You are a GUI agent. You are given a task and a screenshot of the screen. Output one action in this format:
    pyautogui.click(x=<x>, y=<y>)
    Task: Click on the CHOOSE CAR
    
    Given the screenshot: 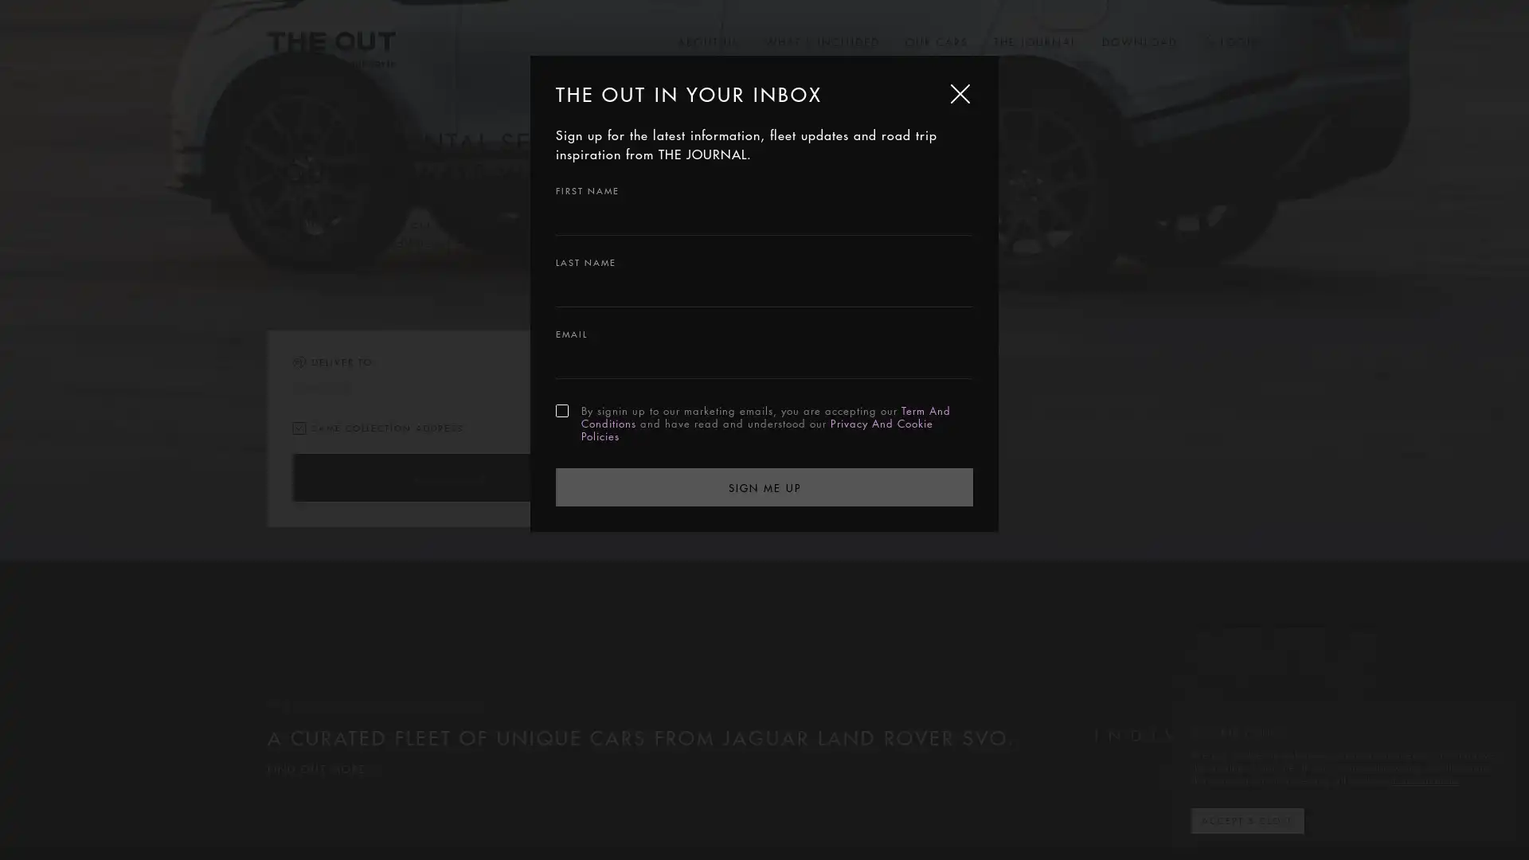 What is the action you would take?
    pyautogui.click(x=446, y=477)
    